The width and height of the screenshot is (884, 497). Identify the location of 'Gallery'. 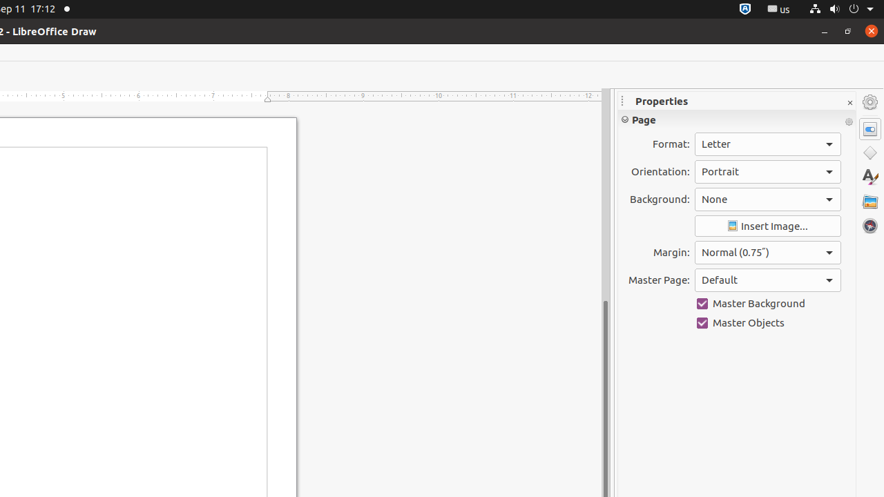
(869, 202).